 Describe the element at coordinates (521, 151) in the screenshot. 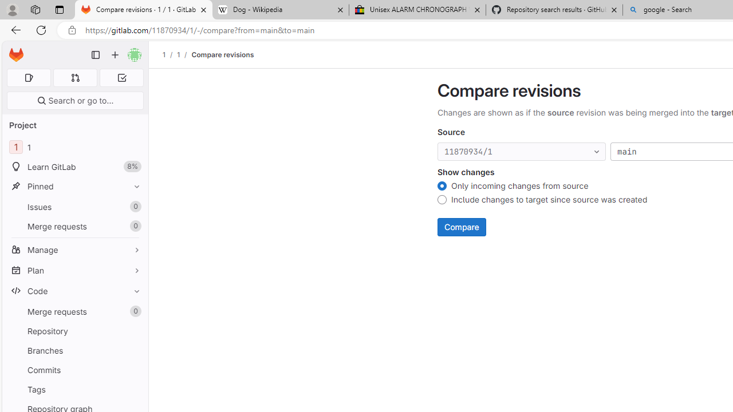

I see `'11870934/1'` at that location.